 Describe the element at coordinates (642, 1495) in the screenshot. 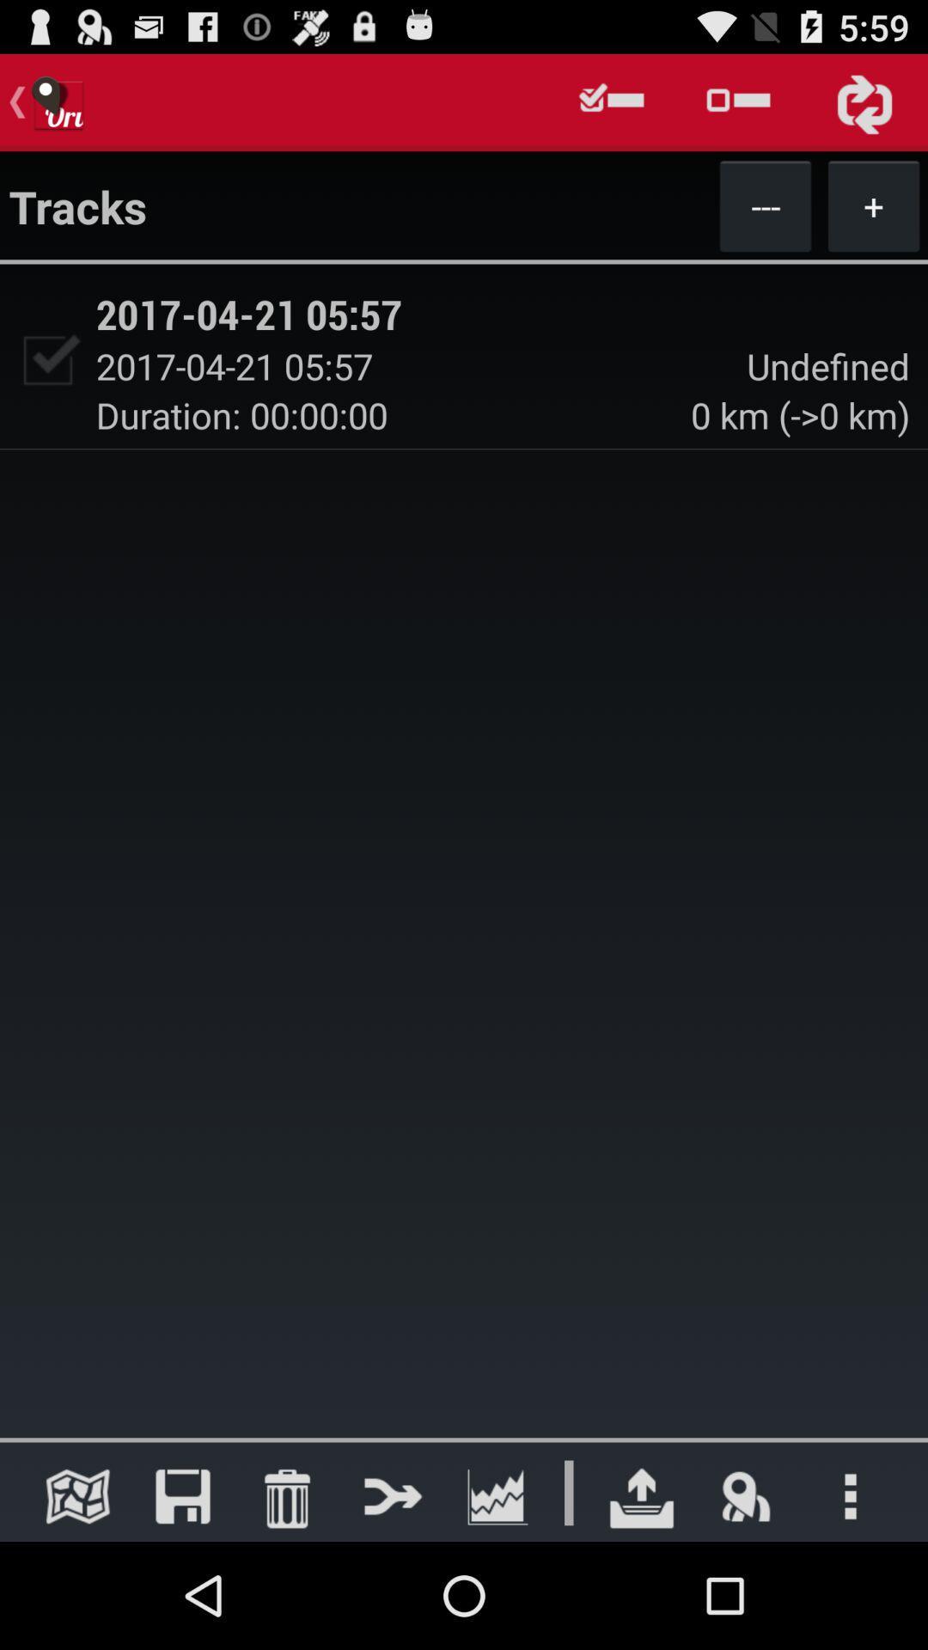

I see `go do dounulod` at that location.